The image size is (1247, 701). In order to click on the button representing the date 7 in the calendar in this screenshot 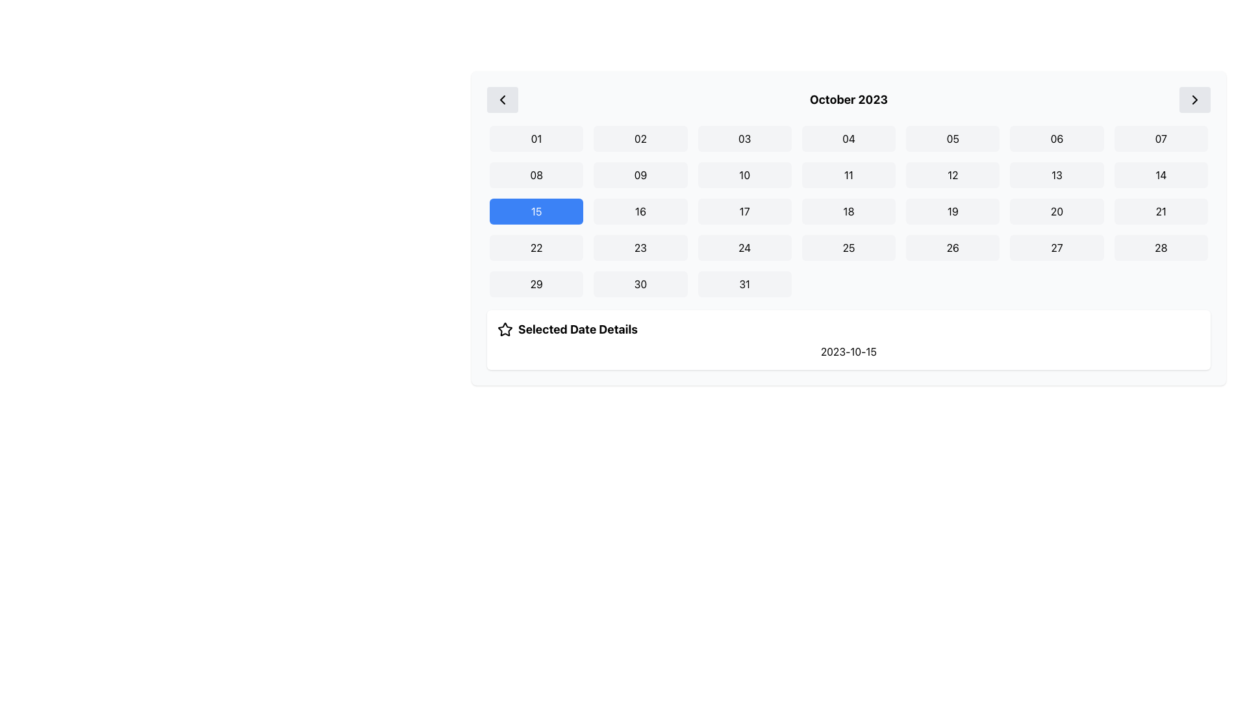, I will do `click(1161, 138)`.